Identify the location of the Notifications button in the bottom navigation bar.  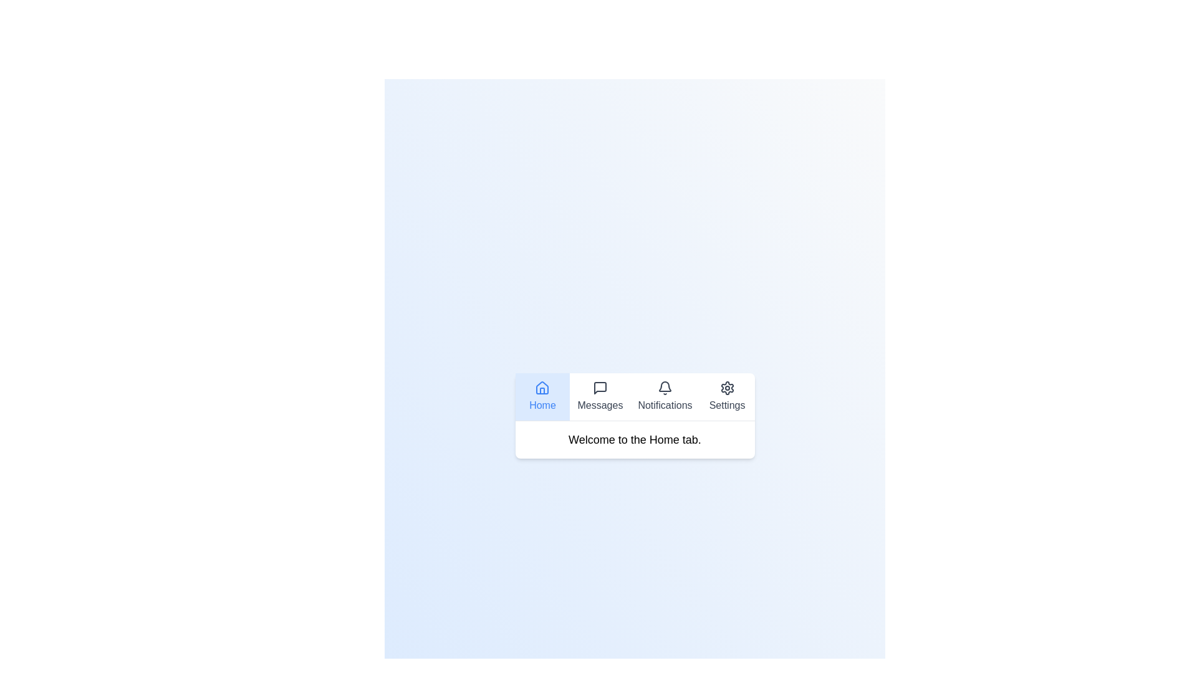
(664, 396).